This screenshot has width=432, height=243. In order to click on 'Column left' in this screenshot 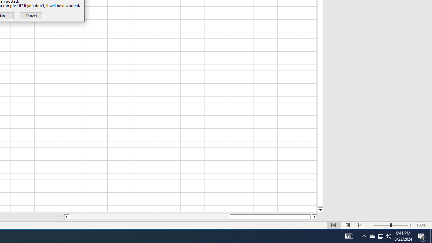, I will do `click(66, 217)`.